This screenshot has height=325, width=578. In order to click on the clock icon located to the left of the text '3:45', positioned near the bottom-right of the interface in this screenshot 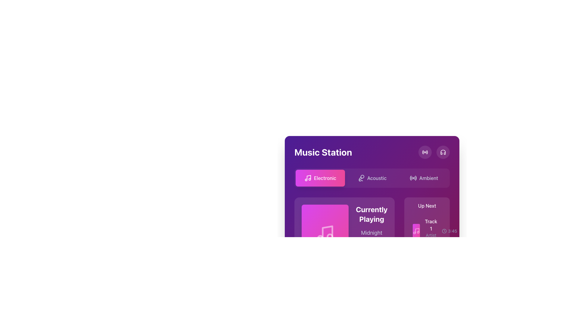, I will do `click(444, 231)`.